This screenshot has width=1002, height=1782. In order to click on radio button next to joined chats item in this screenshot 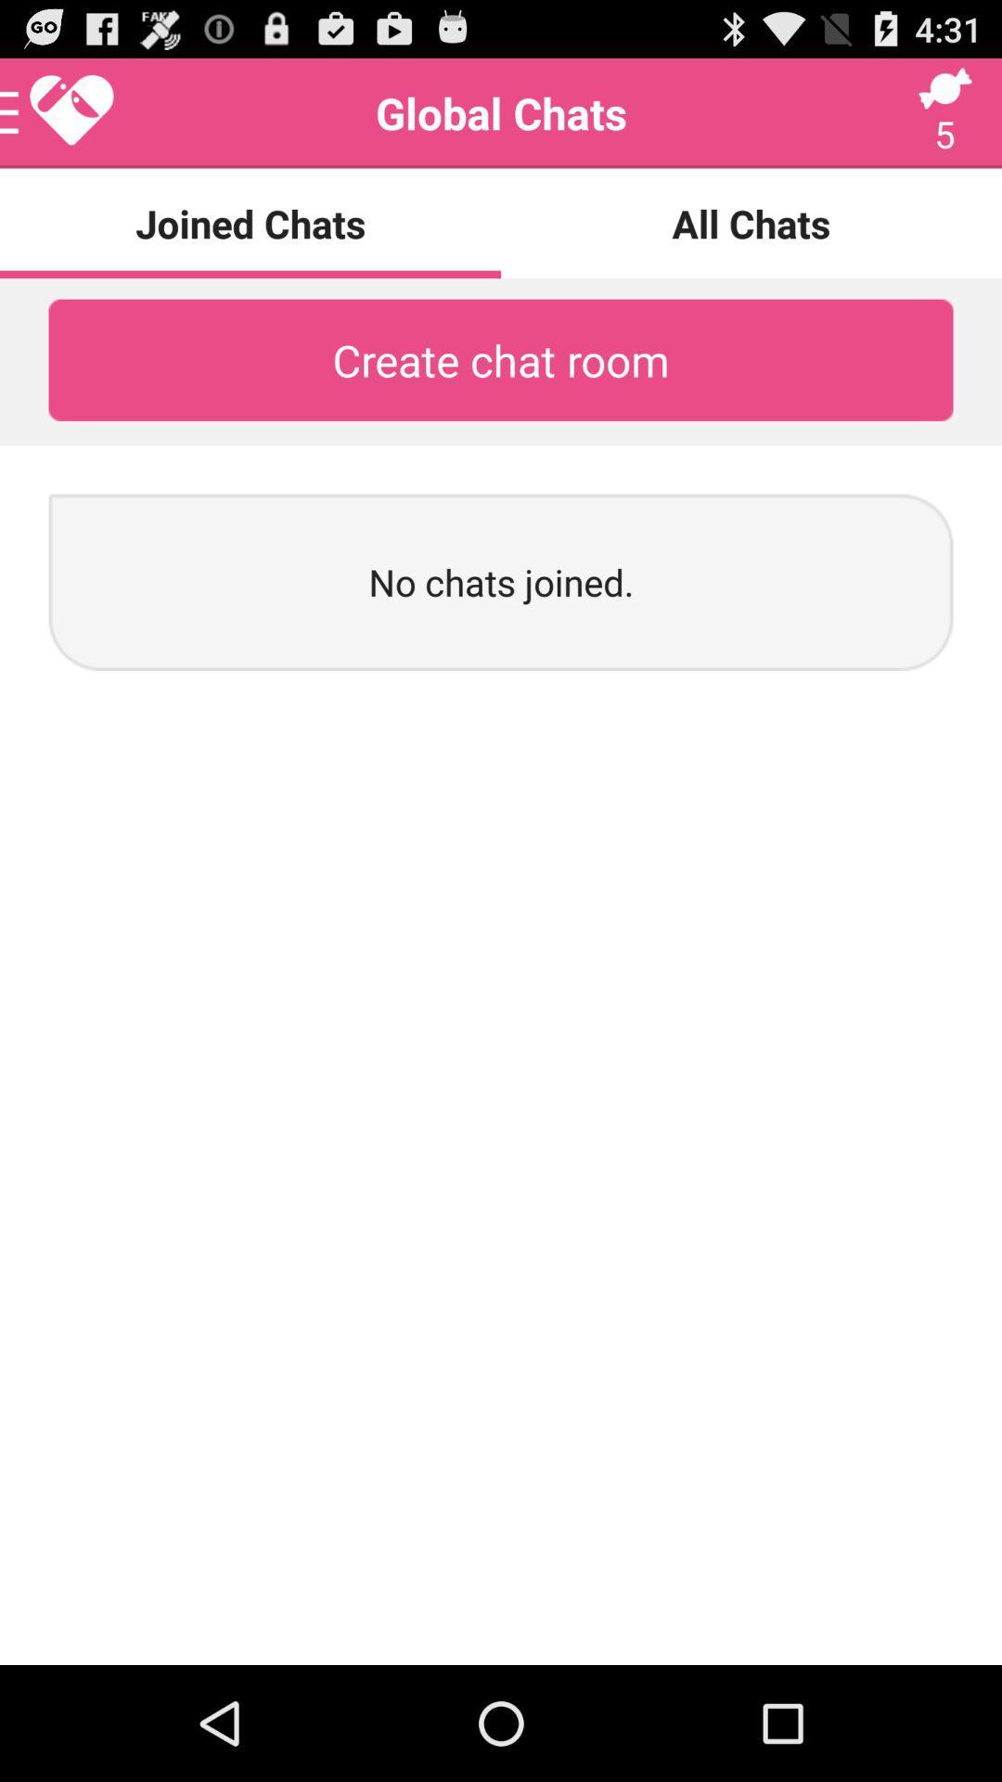, I will do `click(751, 223)`.